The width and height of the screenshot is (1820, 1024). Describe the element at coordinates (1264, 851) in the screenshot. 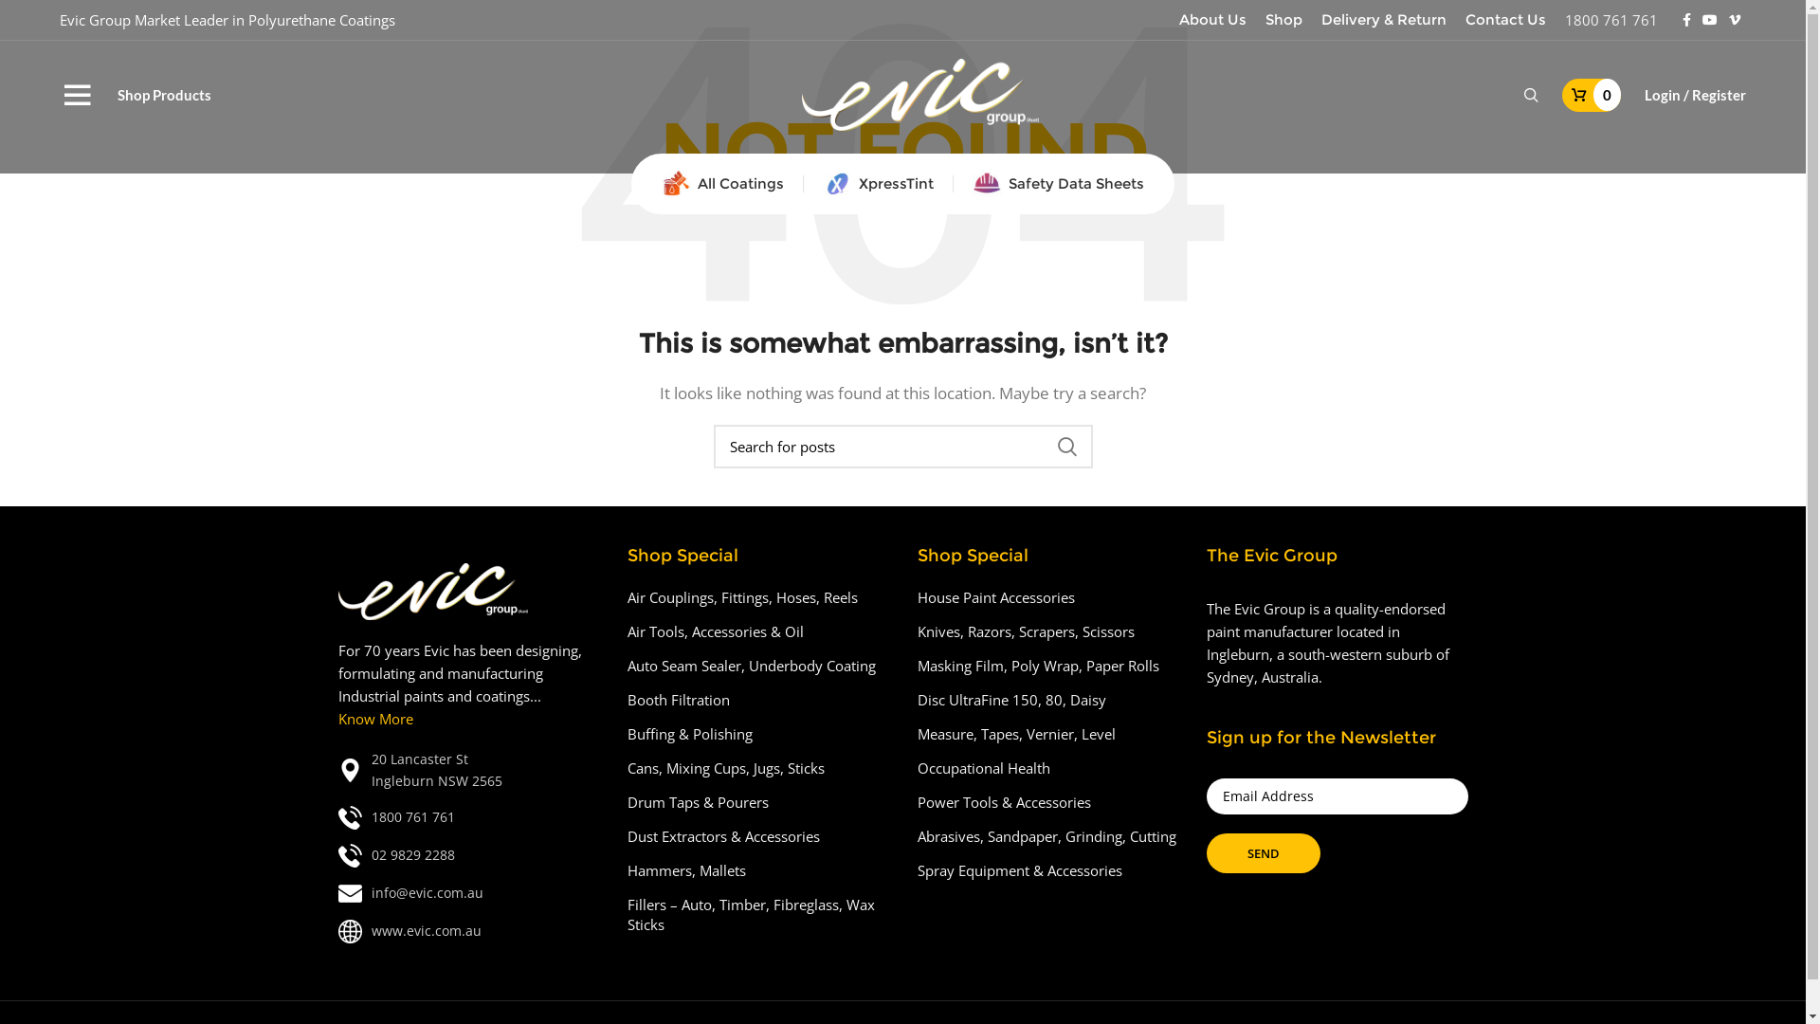

I see `'Send'` at that location.